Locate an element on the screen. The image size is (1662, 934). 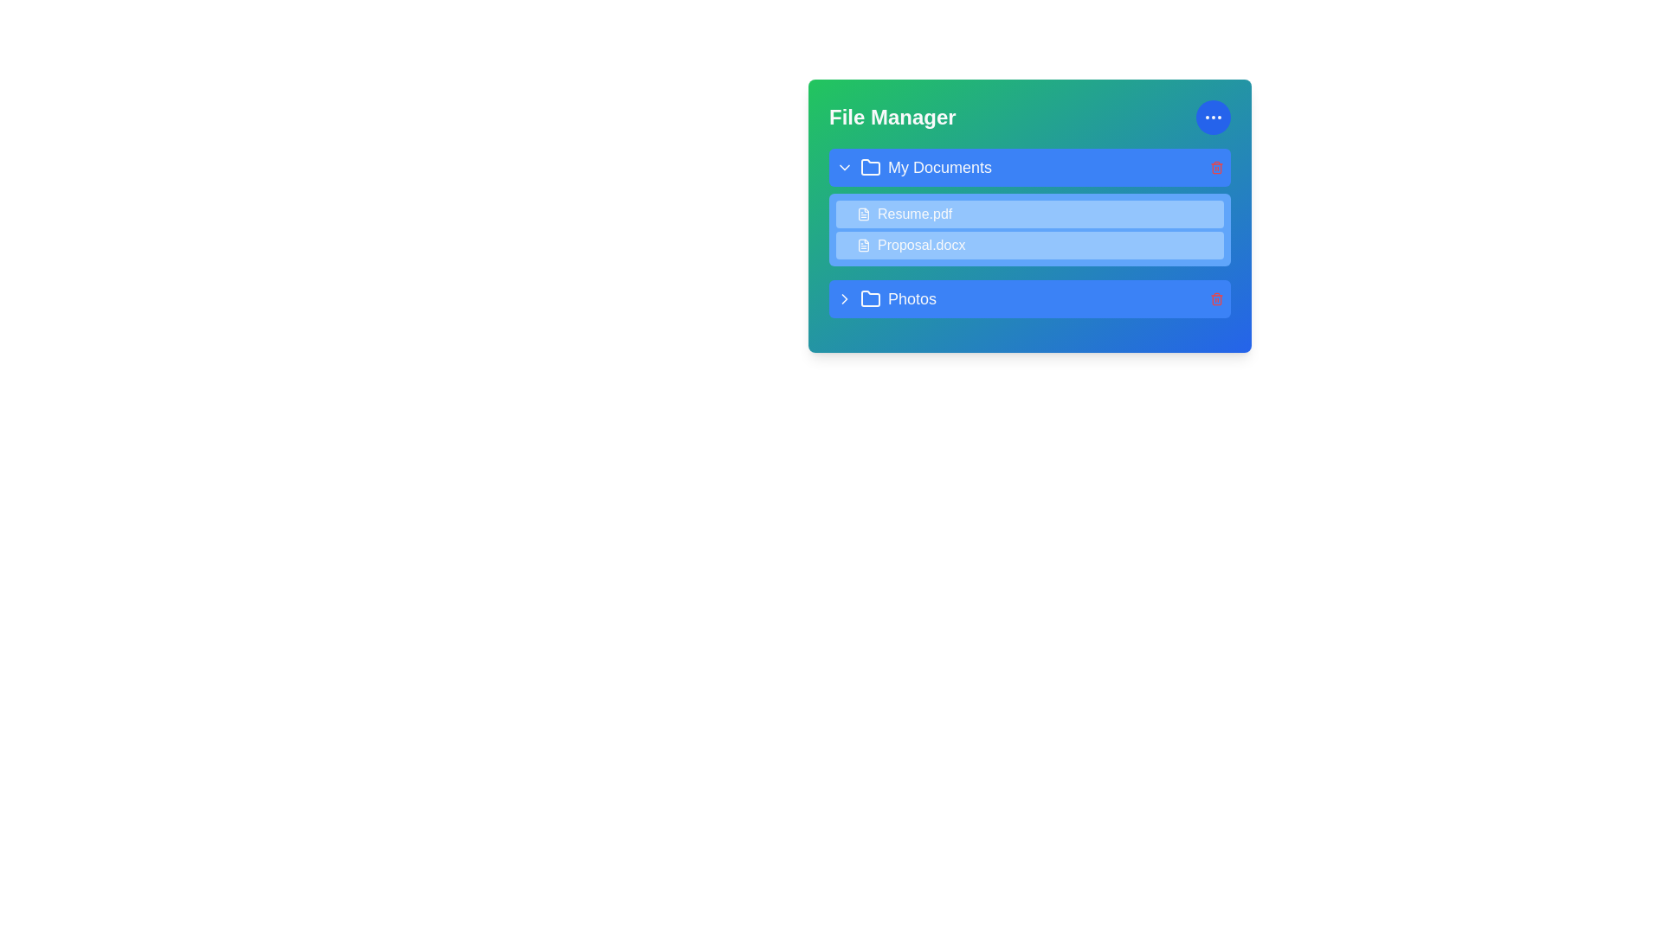
the group of list items containing 'Resume.pdf' and 'Proposal.docx' within the 'My Documents' section of the File Manager interface is located at coordinates (1030, 229).